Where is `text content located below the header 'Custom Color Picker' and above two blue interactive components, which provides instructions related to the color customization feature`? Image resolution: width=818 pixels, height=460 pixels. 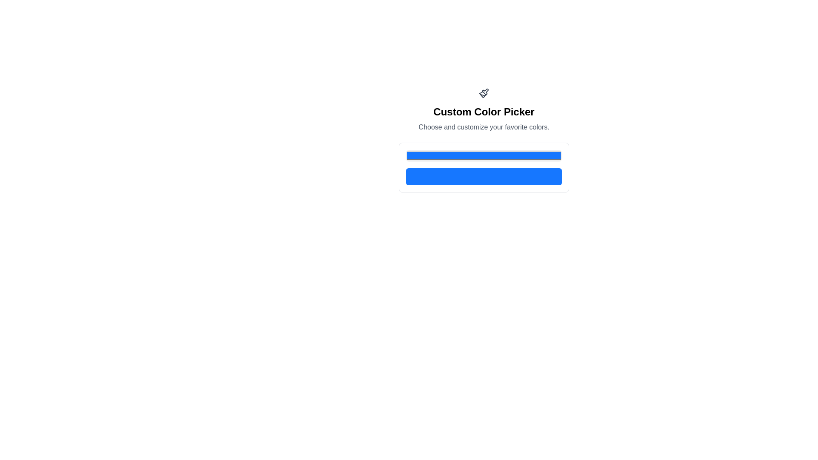
text content located below the header 'Custom Color Picker' and above two blue interactive components, which provides instructions related to the color customization feature is located at coordinates (484, 127).